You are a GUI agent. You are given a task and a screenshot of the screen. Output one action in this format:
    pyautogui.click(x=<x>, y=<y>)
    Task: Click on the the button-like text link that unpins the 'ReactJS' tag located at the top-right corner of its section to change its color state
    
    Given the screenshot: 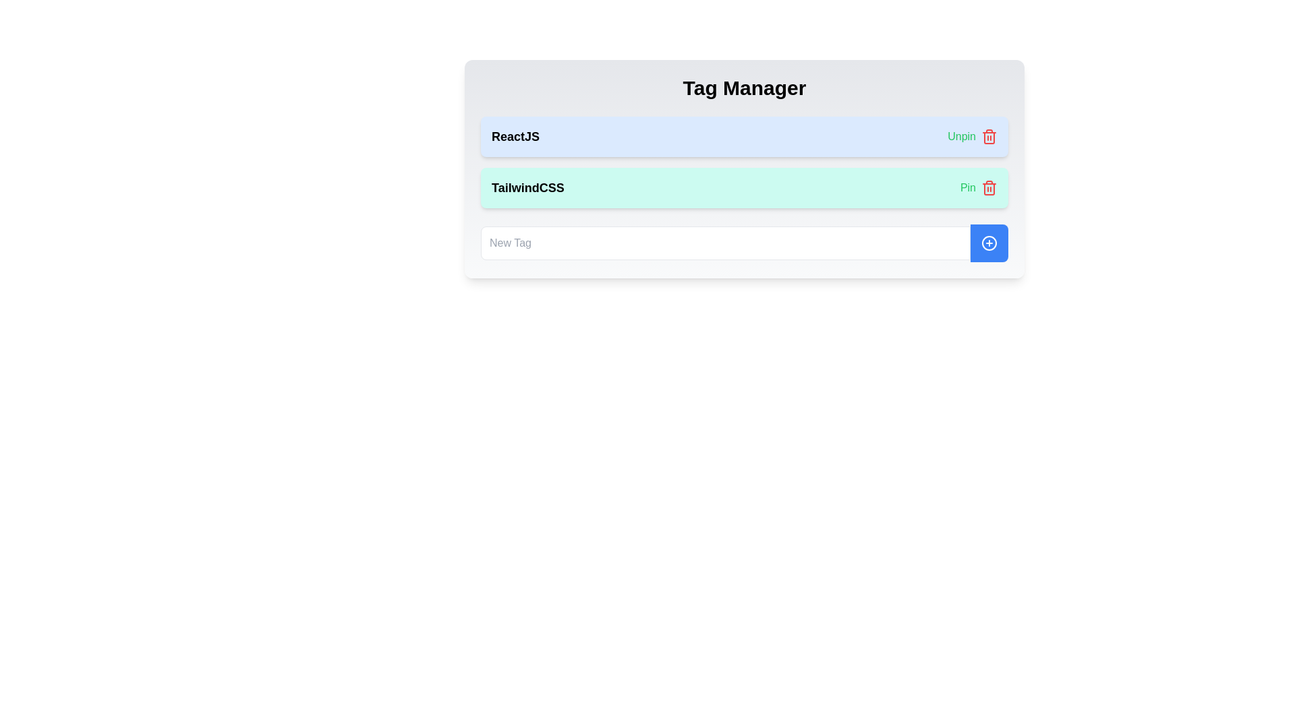 What is the action you would take?
    pyautogui.click(x=961, y=137)
    